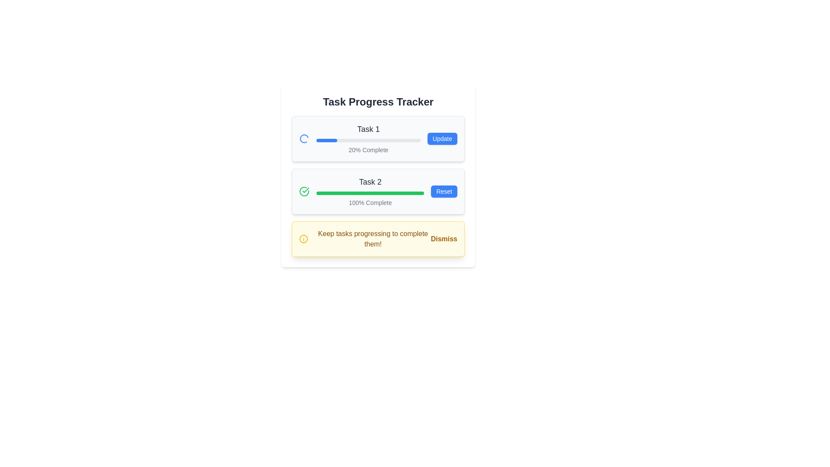  What do you see at coordinates (304, 191) in the screenshot?
I see `the completion status icon located to the left of the 'Task 2' label and above the '100% Complete' progress bar` at bounding box center [304, 191].